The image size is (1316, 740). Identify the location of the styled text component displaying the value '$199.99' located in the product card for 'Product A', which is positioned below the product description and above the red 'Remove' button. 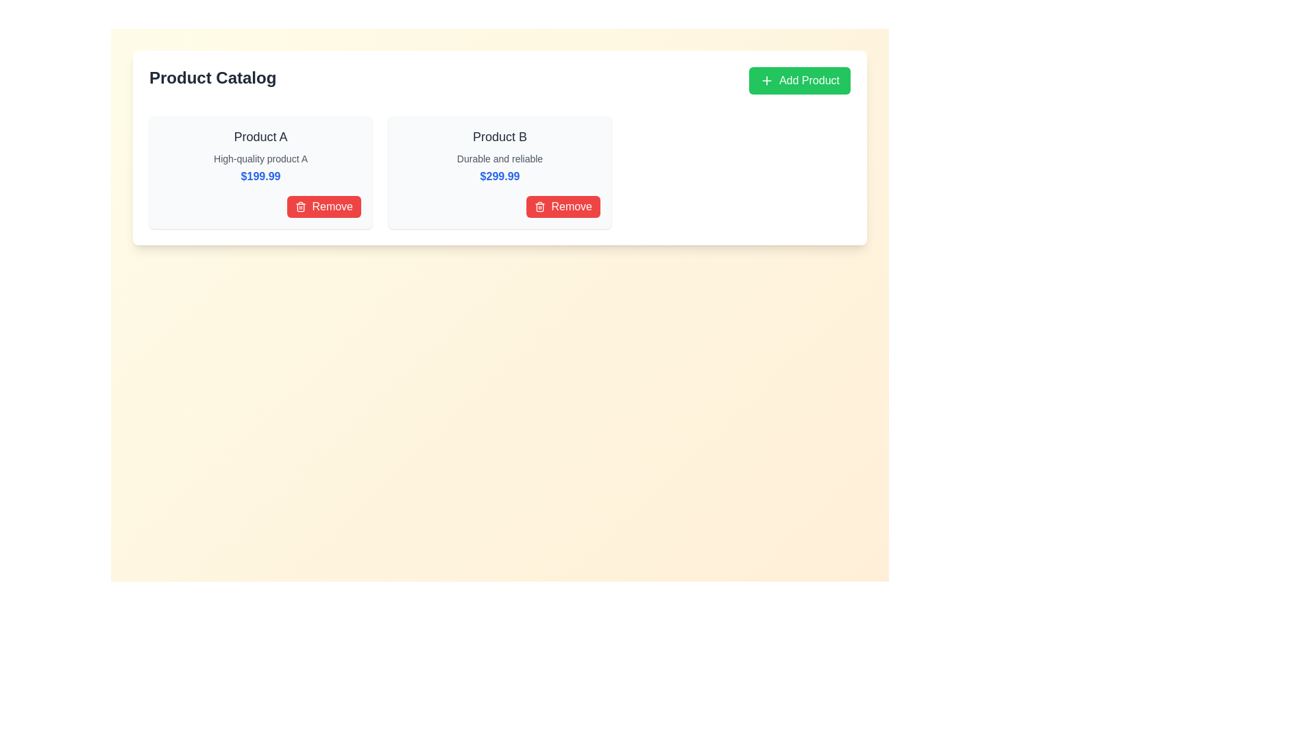
(260, 176).